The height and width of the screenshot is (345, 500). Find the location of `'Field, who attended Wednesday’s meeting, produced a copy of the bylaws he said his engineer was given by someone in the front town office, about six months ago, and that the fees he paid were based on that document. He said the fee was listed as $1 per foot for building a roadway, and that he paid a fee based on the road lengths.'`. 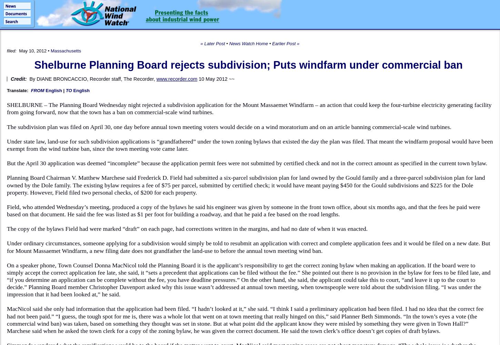

'Field, who attended Wednesday’s meeting, produced a copy of the bylaws he said his engineer was given by someone in the front town office, about six months ago, and that the fees he paid were based on that document. He said the fee was listed as $1 per foot for building a roadway, and that he paid a fee based on the road lengths.' is located at coordinates (243, 210).